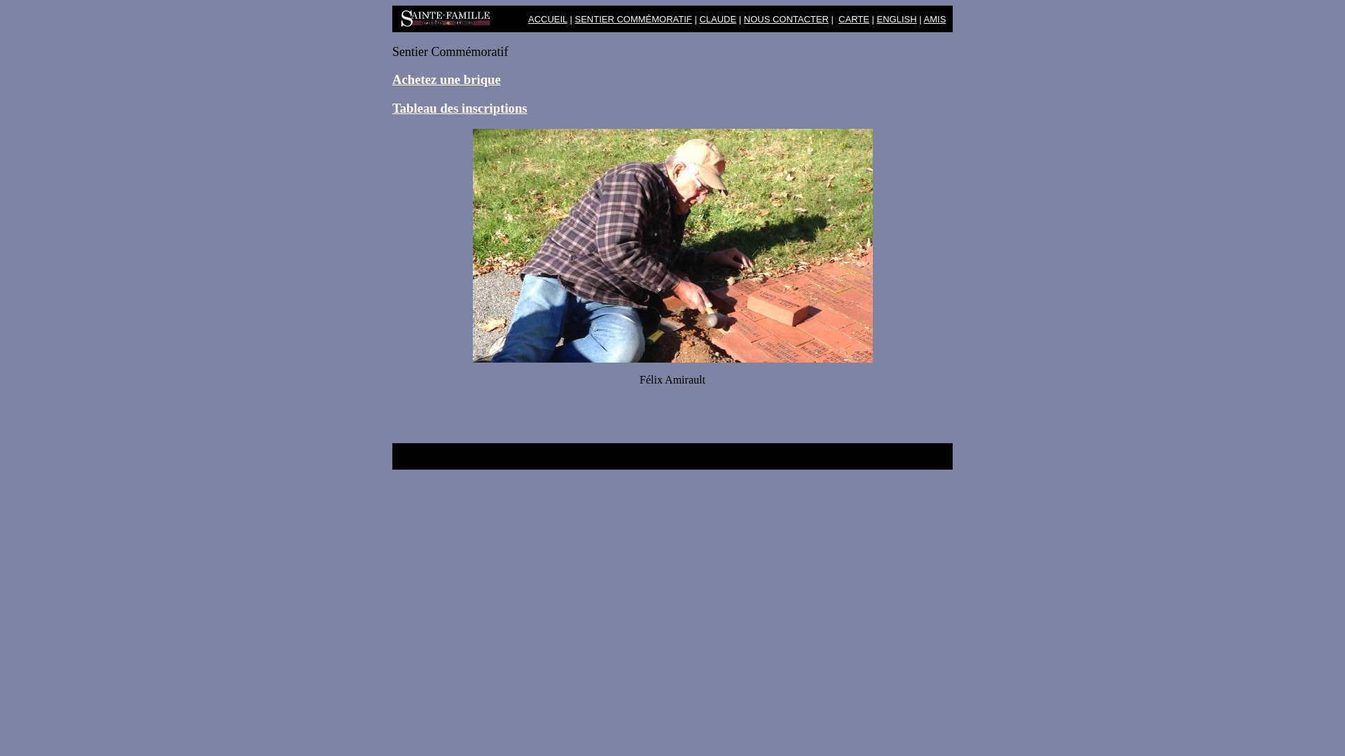 This screenshot has width=1345, height=756. Describe the element at coordinates (717, 19) in the screenshot. I see `'CLAUDE'` at that location.